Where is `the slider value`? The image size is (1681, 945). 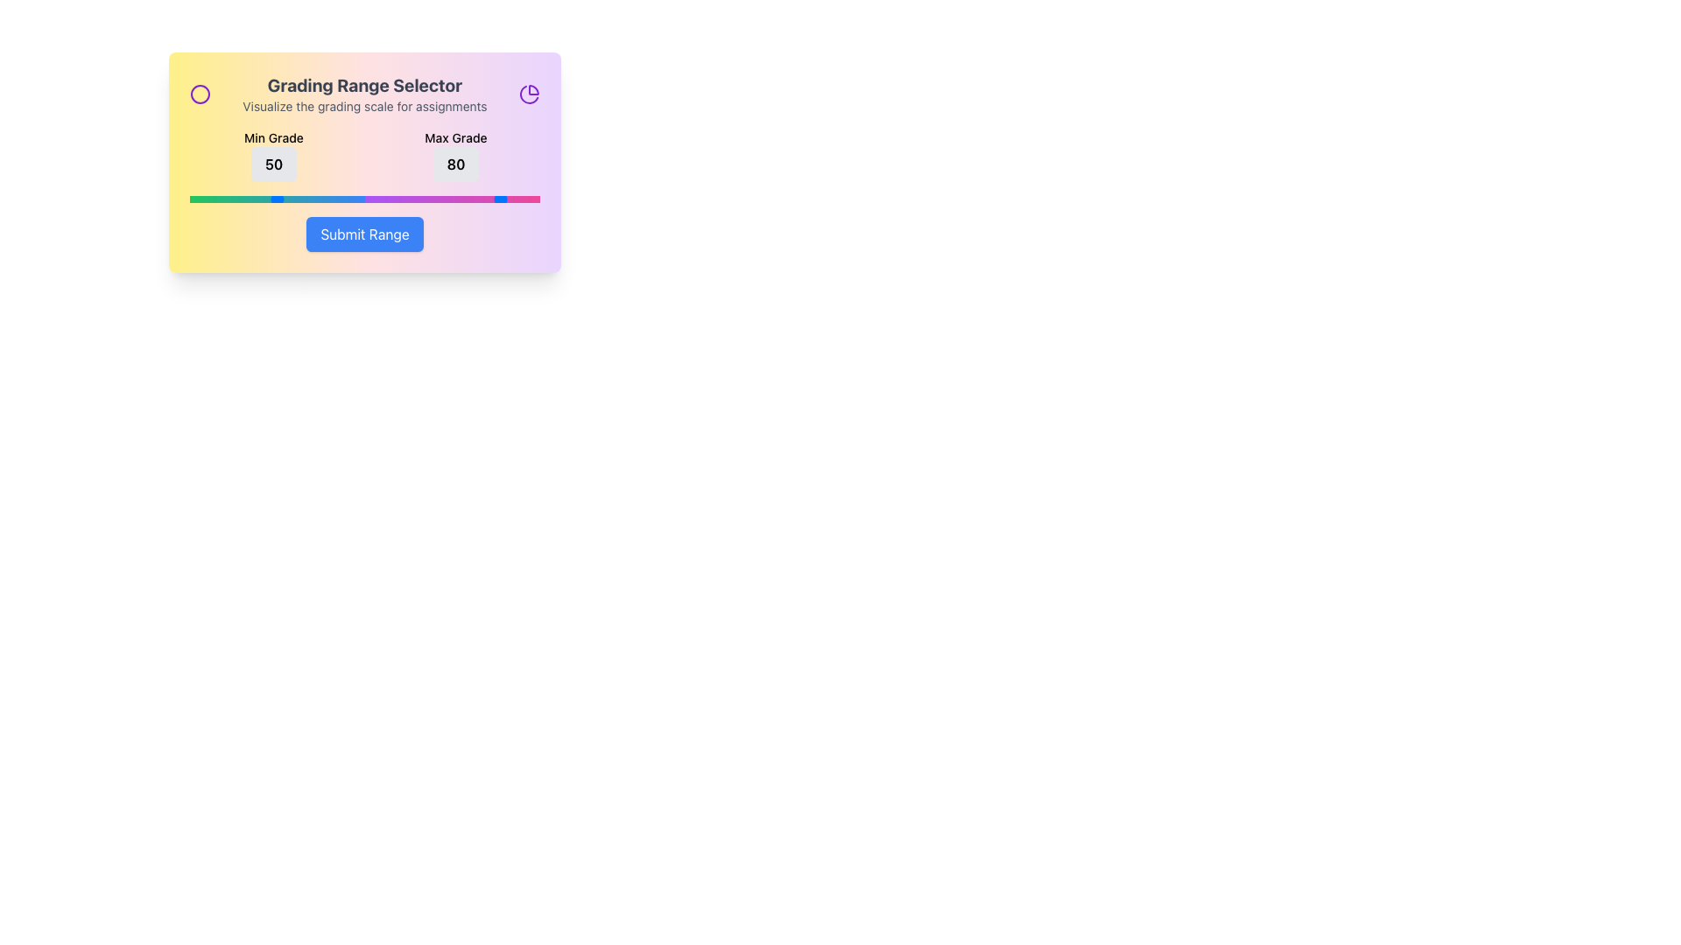
the slider value is located at coordinates (271, 198).